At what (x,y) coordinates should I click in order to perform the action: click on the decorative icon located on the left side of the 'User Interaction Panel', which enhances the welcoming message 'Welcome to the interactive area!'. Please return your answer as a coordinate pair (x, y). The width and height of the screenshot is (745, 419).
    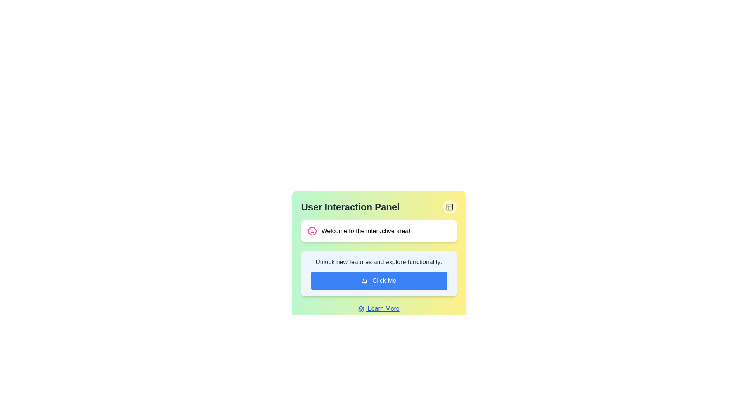
    Looking at the image, I should click on (312, 231).